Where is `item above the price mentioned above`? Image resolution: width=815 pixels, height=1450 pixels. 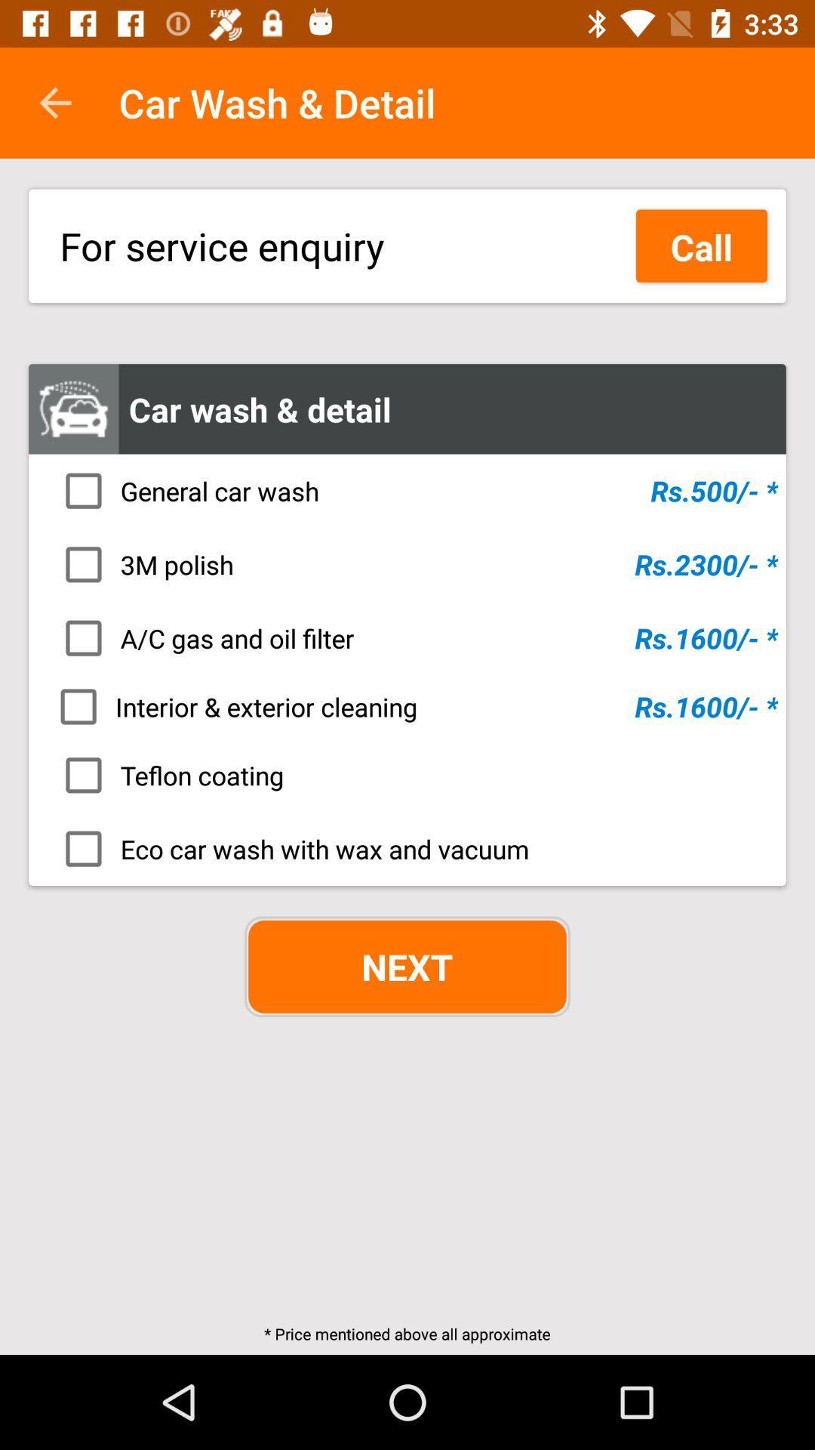 item above the price mentioned above is located at coordinates (407, 967).